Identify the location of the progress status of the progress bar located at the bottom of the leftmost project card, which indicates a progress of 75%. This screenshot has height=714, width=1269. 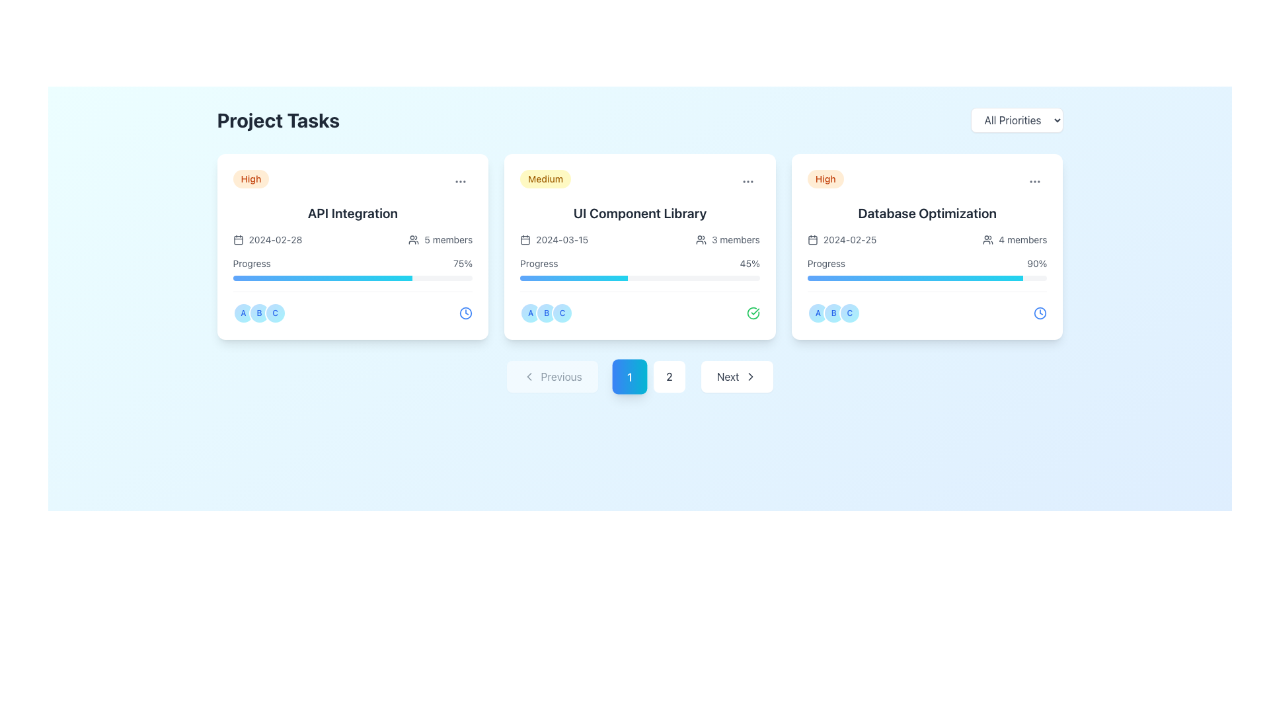
(323, 277).